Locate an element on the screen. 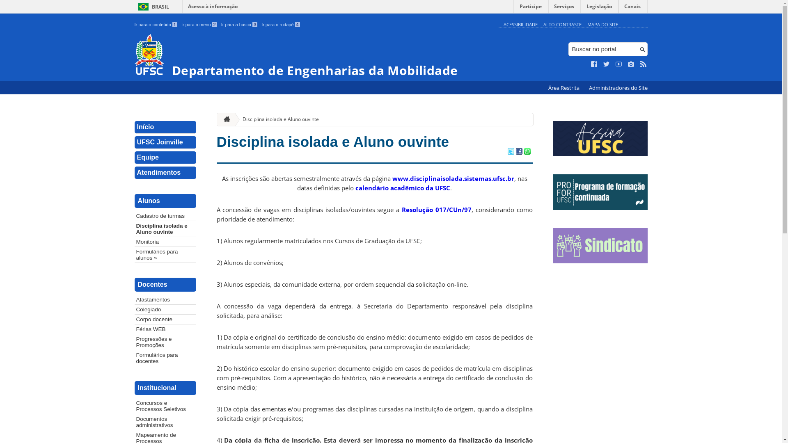 Image resolution: width=788 pixels, height=443 pixels. 'Ir para o menu 2' is located at coordinates (199, 24).